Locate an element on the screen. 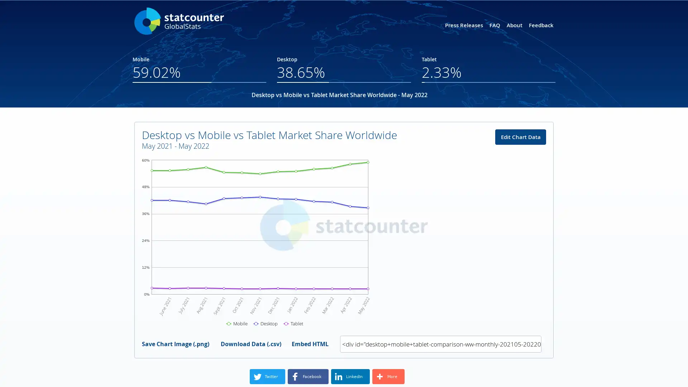 The image size is (688, 387). Share to Twitter Twitter is located at coordinates (267, 376).